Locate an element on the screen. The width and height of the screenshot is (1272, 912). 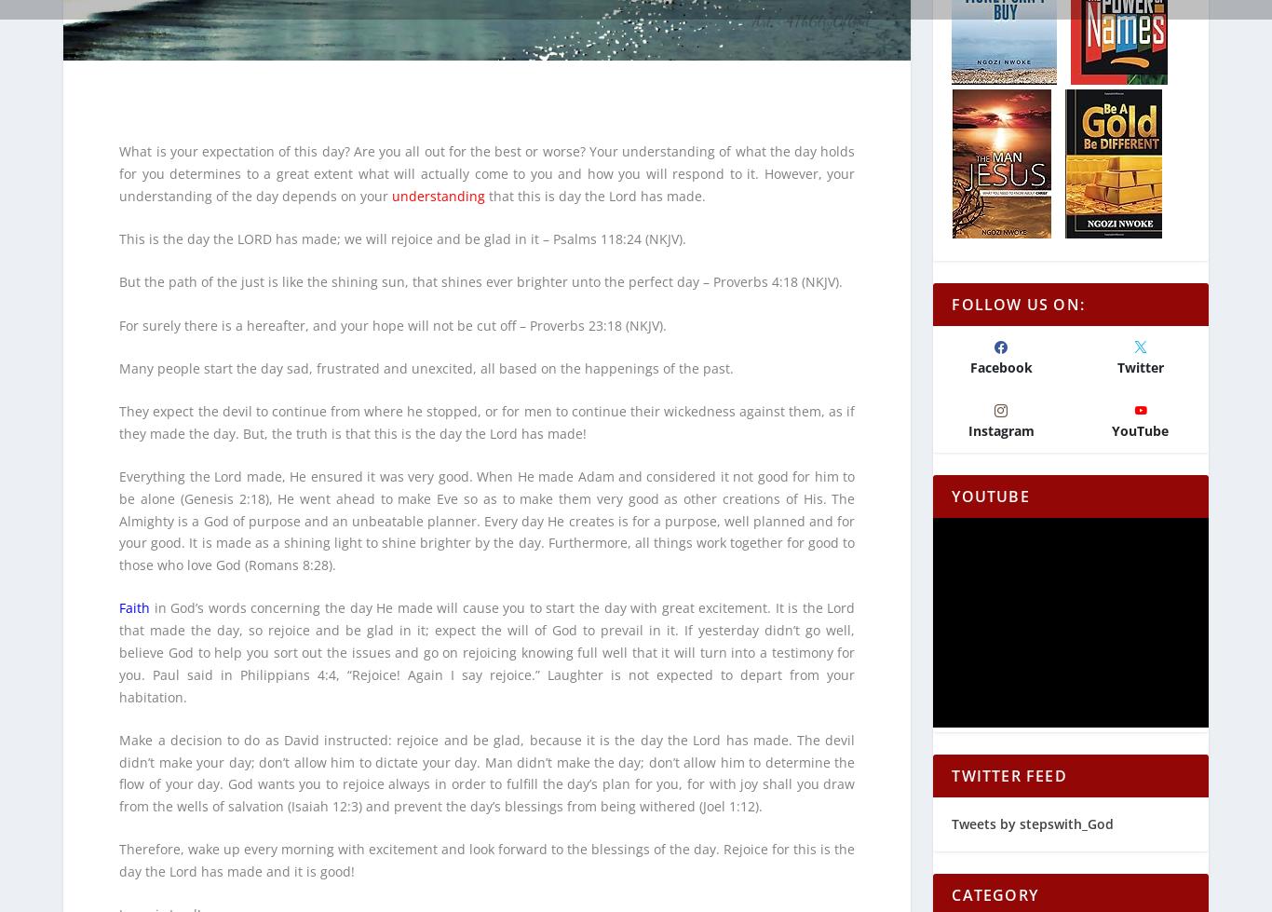
'They expect the devil to continue from where he stopped, or for men to continue their wickedness against them, as if they made the day. But, the truth is that this is the day the Lord has made!' is located at coordinates (487, 410).